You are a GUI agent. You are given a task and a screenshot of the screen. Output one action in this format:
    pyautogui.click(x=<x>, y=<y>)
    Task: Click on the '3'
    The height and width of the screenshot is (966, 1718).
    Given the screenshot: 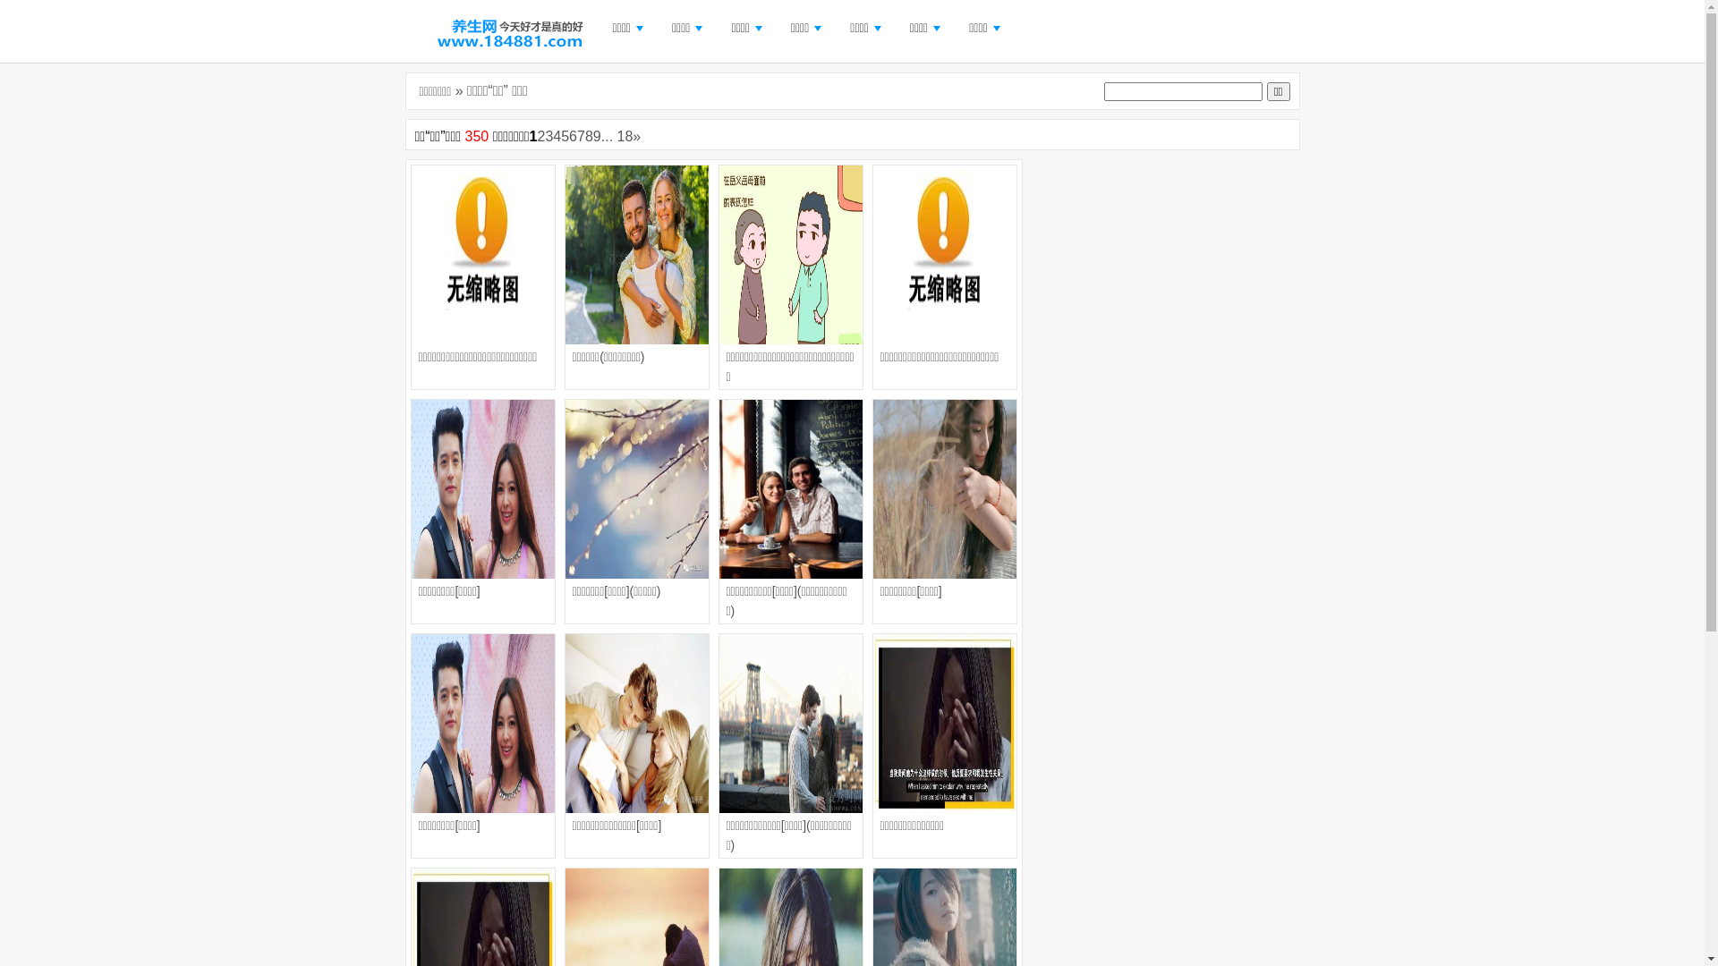 What is the action you would take?
    pyautogui.click(x=548, y=135)
    